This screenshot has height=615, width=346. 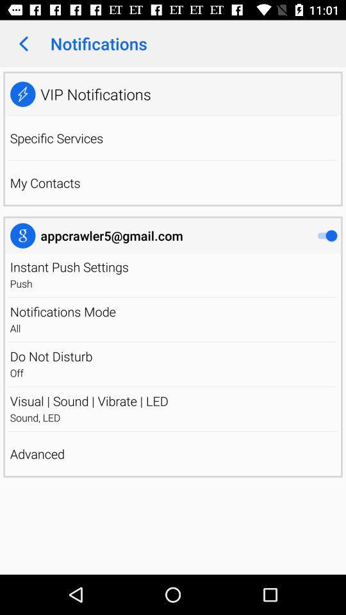 What do you see at coordinates (173, 400) in the screenshot?
I see `icon above sound, led` at bounding box center [173, 400].